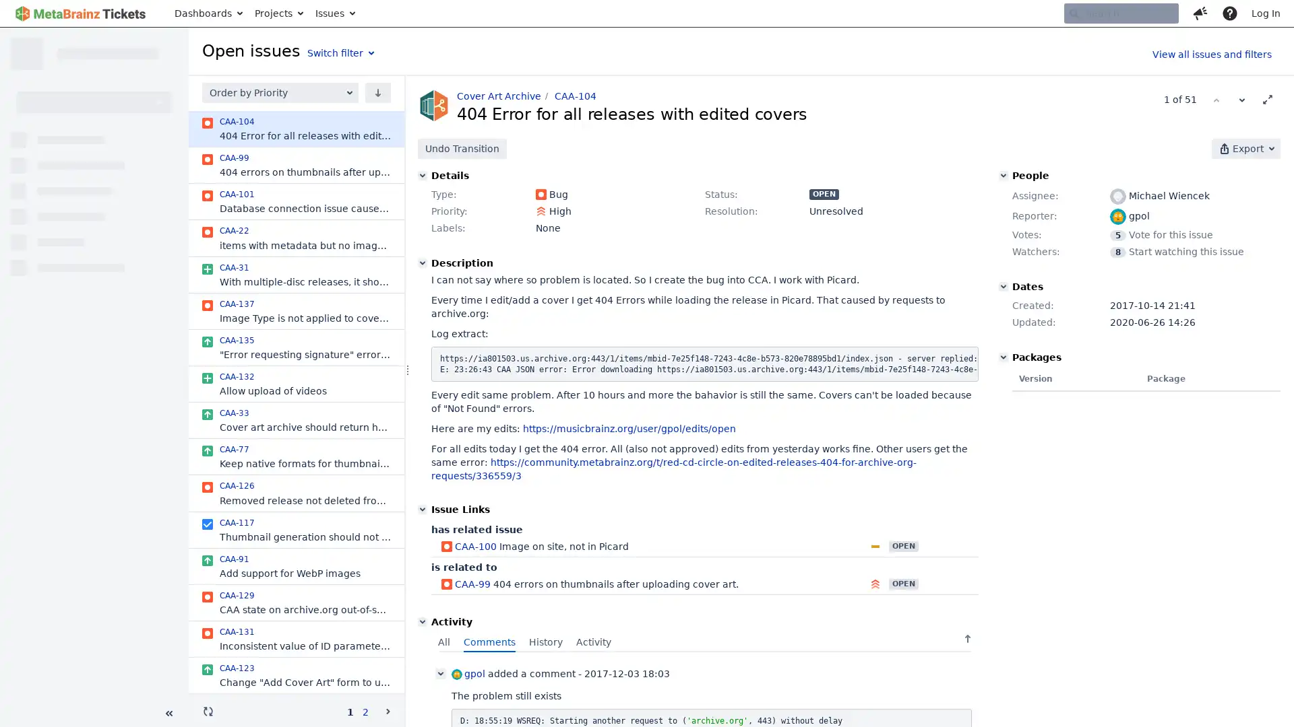 This screenshot has height=727, width=1294. Describe the element at coordinates (422, 175) in the screenshot. I see `Details` at that location.